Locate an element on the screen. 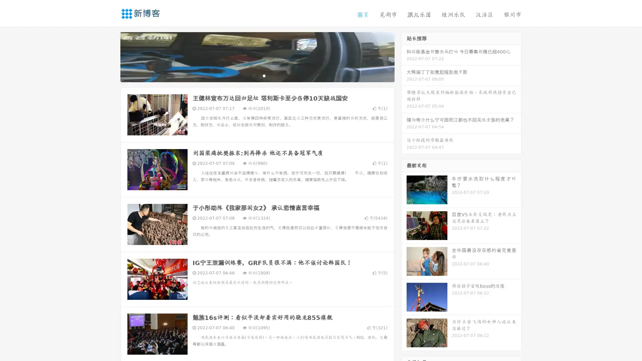 This screenshot has width=642, height=361. Go to slide 2 is located at coordinates (257, 75).